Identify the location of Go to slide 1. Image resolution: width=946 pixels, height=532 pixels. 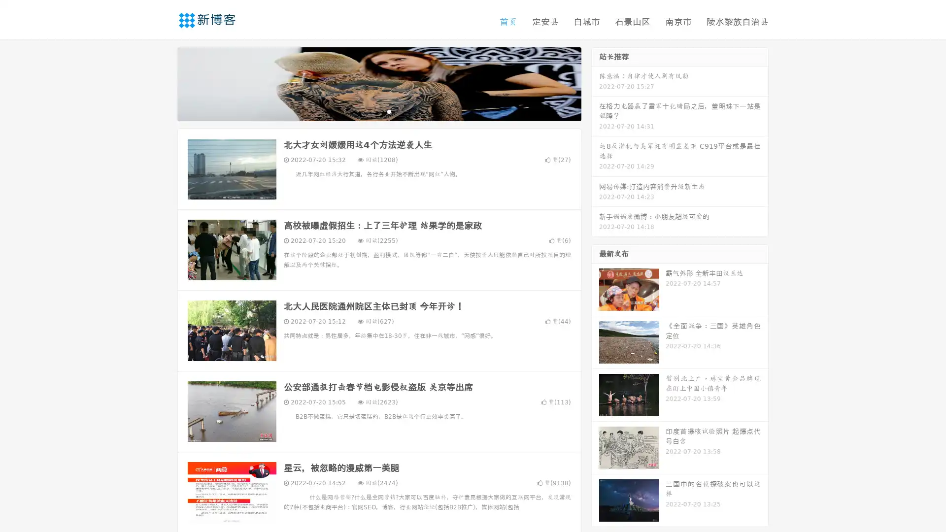
(369, 111).